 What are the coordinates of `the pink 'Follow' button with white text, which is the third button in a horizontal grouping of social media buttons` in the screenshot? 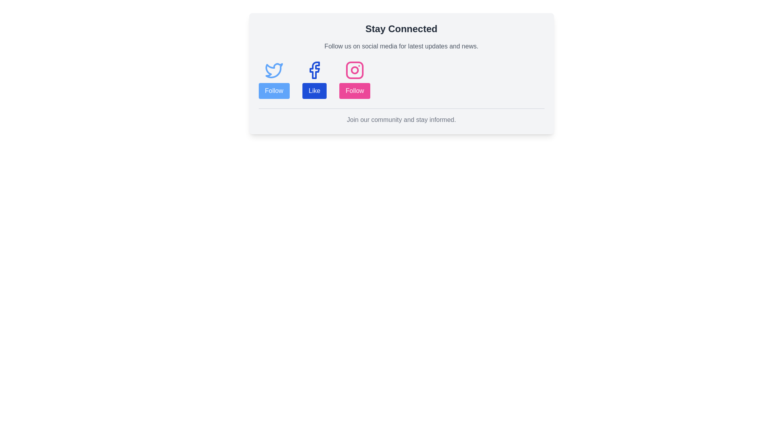 It's located at (354, 79).